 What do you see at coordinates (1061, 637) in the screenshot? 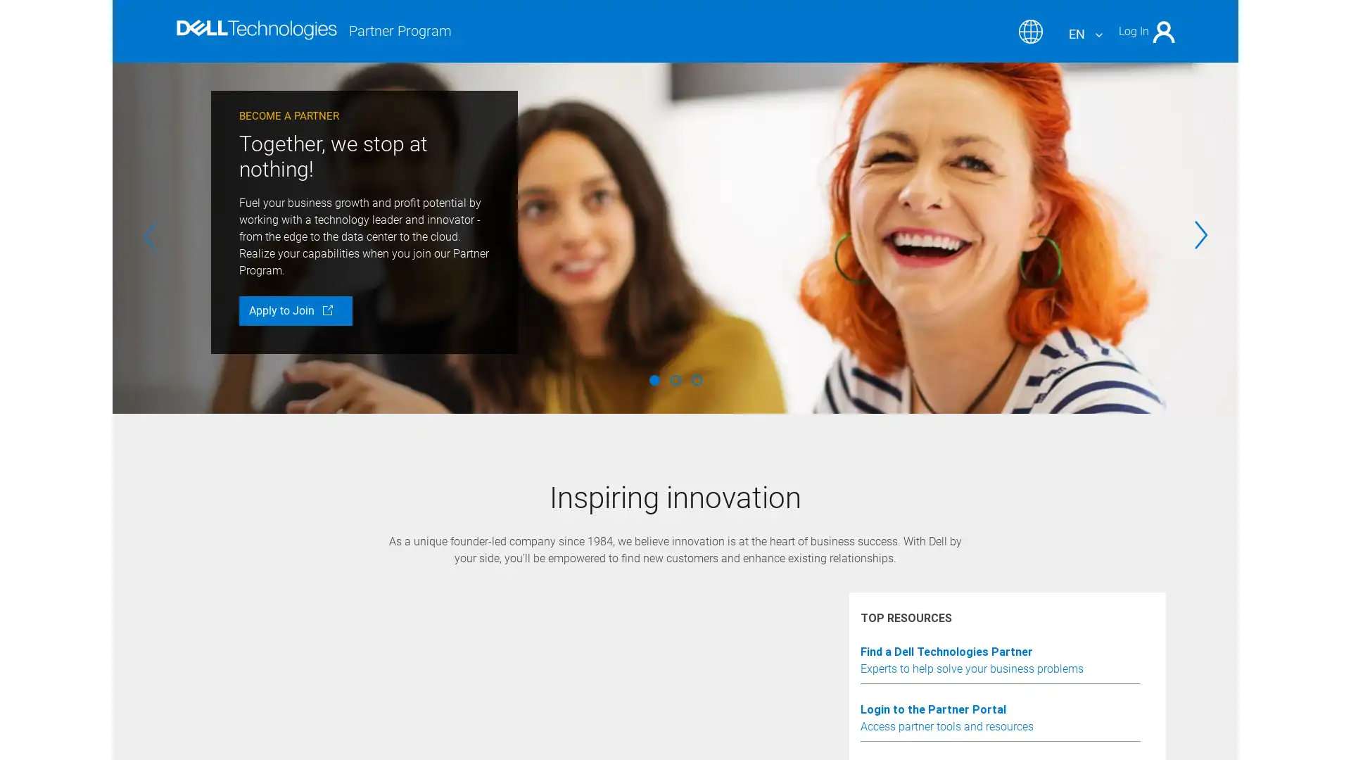
I see `Picture-in-Picture` at bounding box center [1061, 637].